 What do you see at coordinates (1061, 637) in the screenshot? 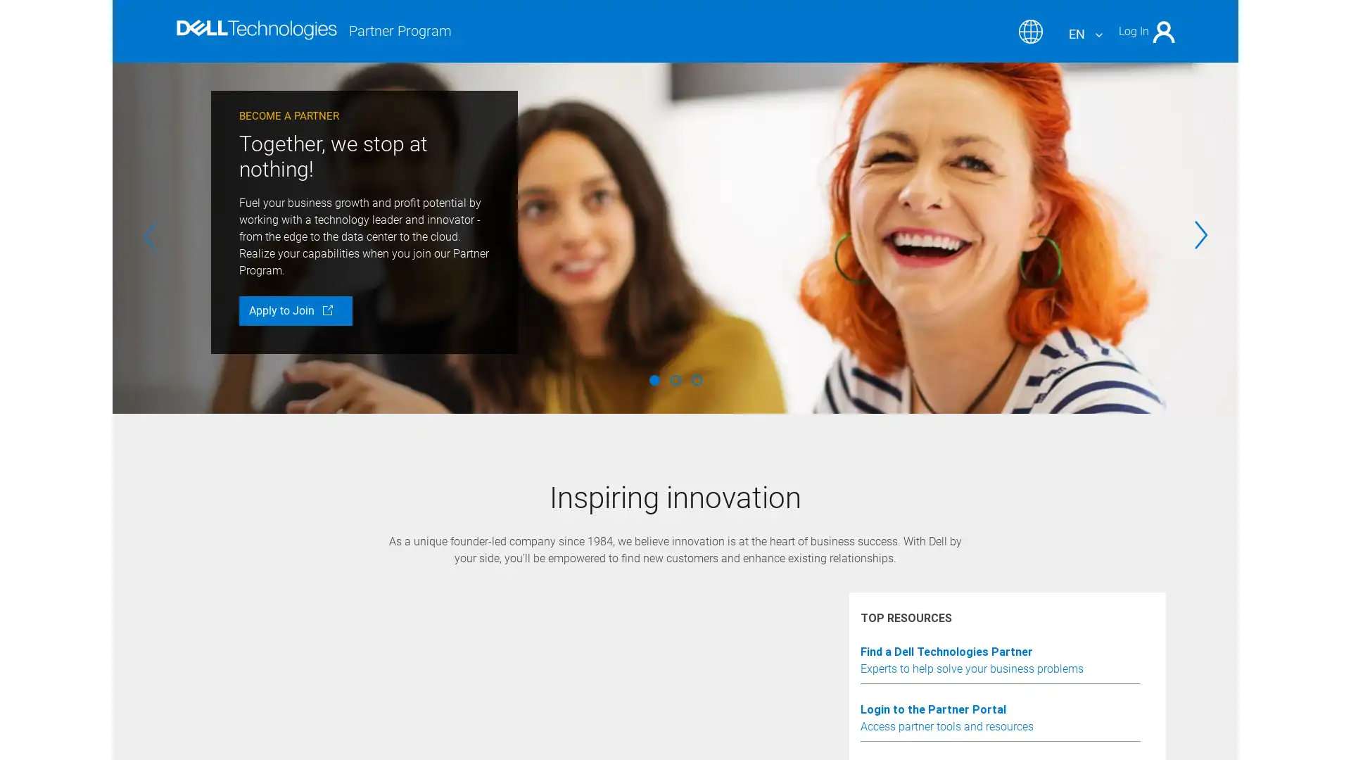
I see `Picture-in-Picture` at bounding box center [1061, 637].